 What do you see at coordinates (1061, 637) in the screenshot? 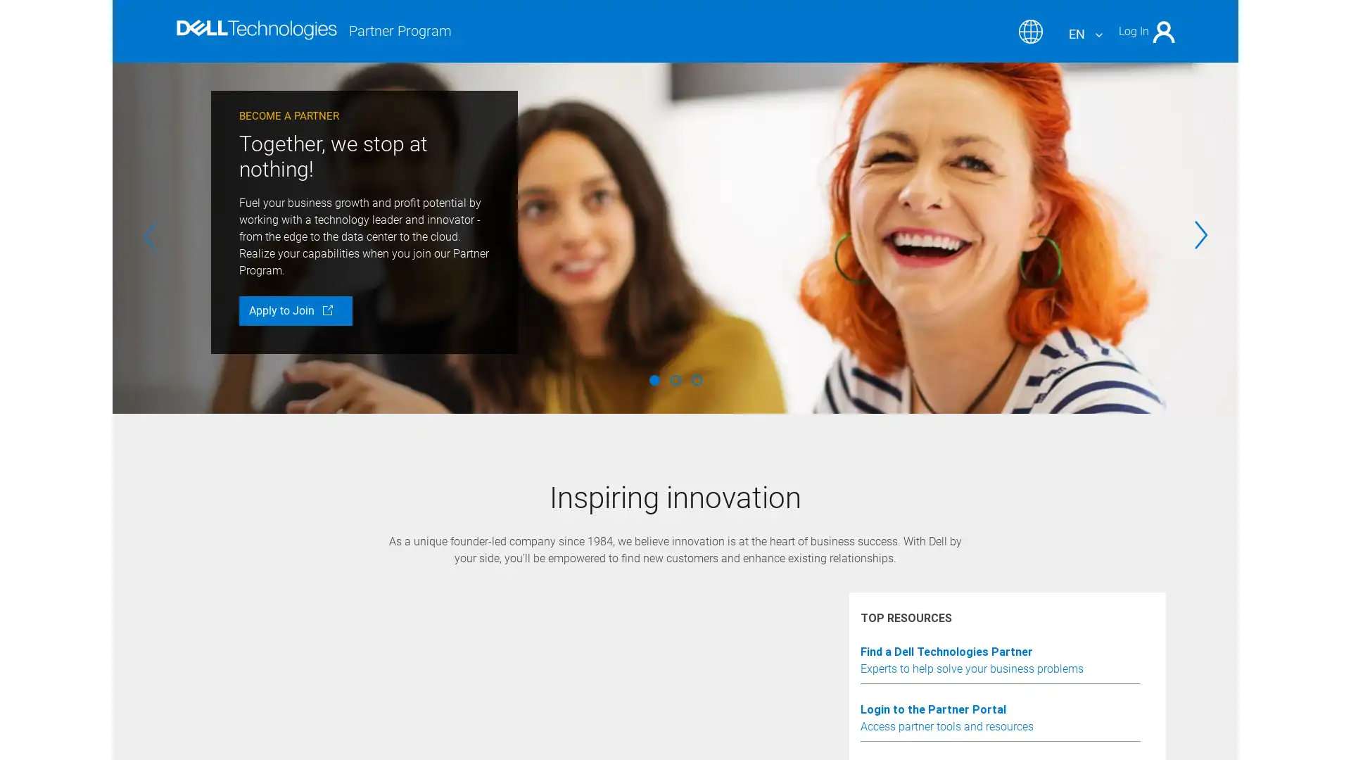
I see `Picture-in-Picture` at bounding box center [1061, 637].